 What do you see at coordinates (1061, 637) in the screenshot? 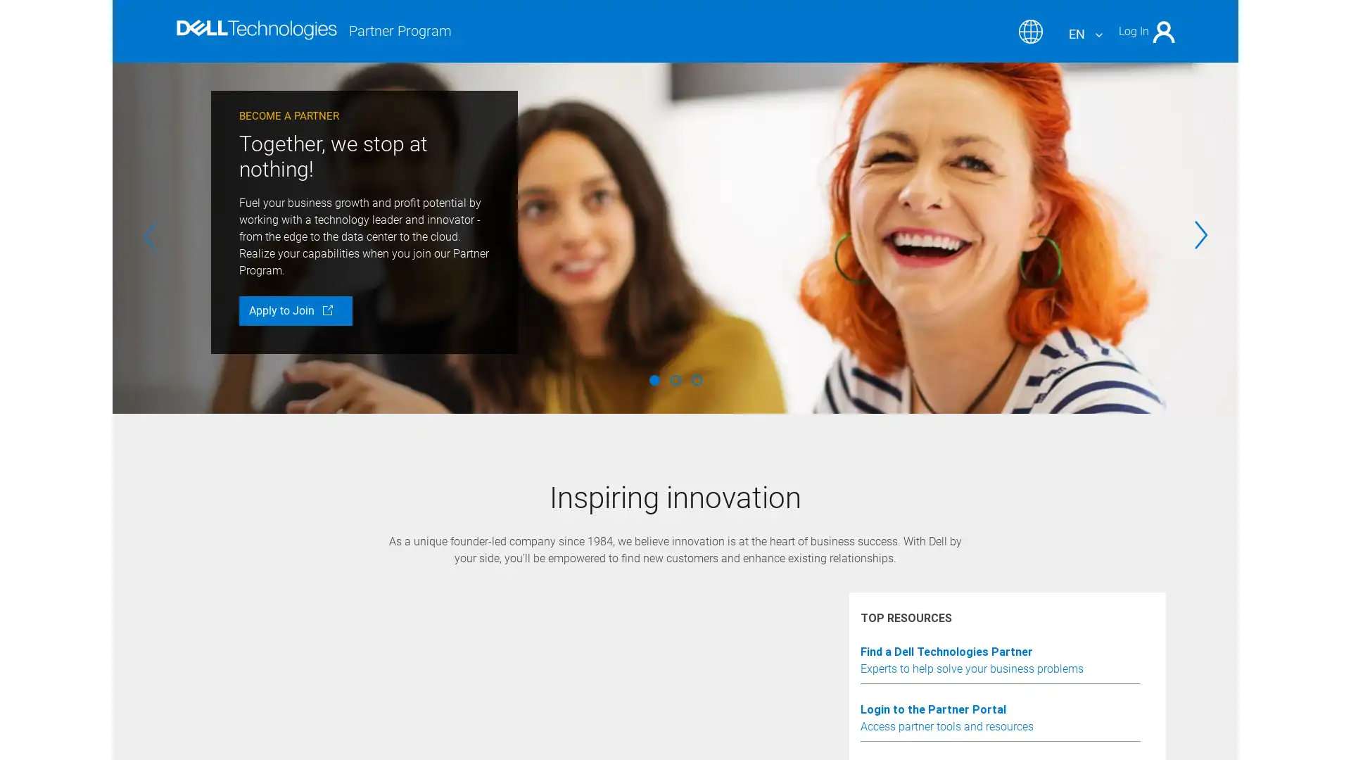
I see `Picture-in-Picture` at bounding box center [1061, 637].